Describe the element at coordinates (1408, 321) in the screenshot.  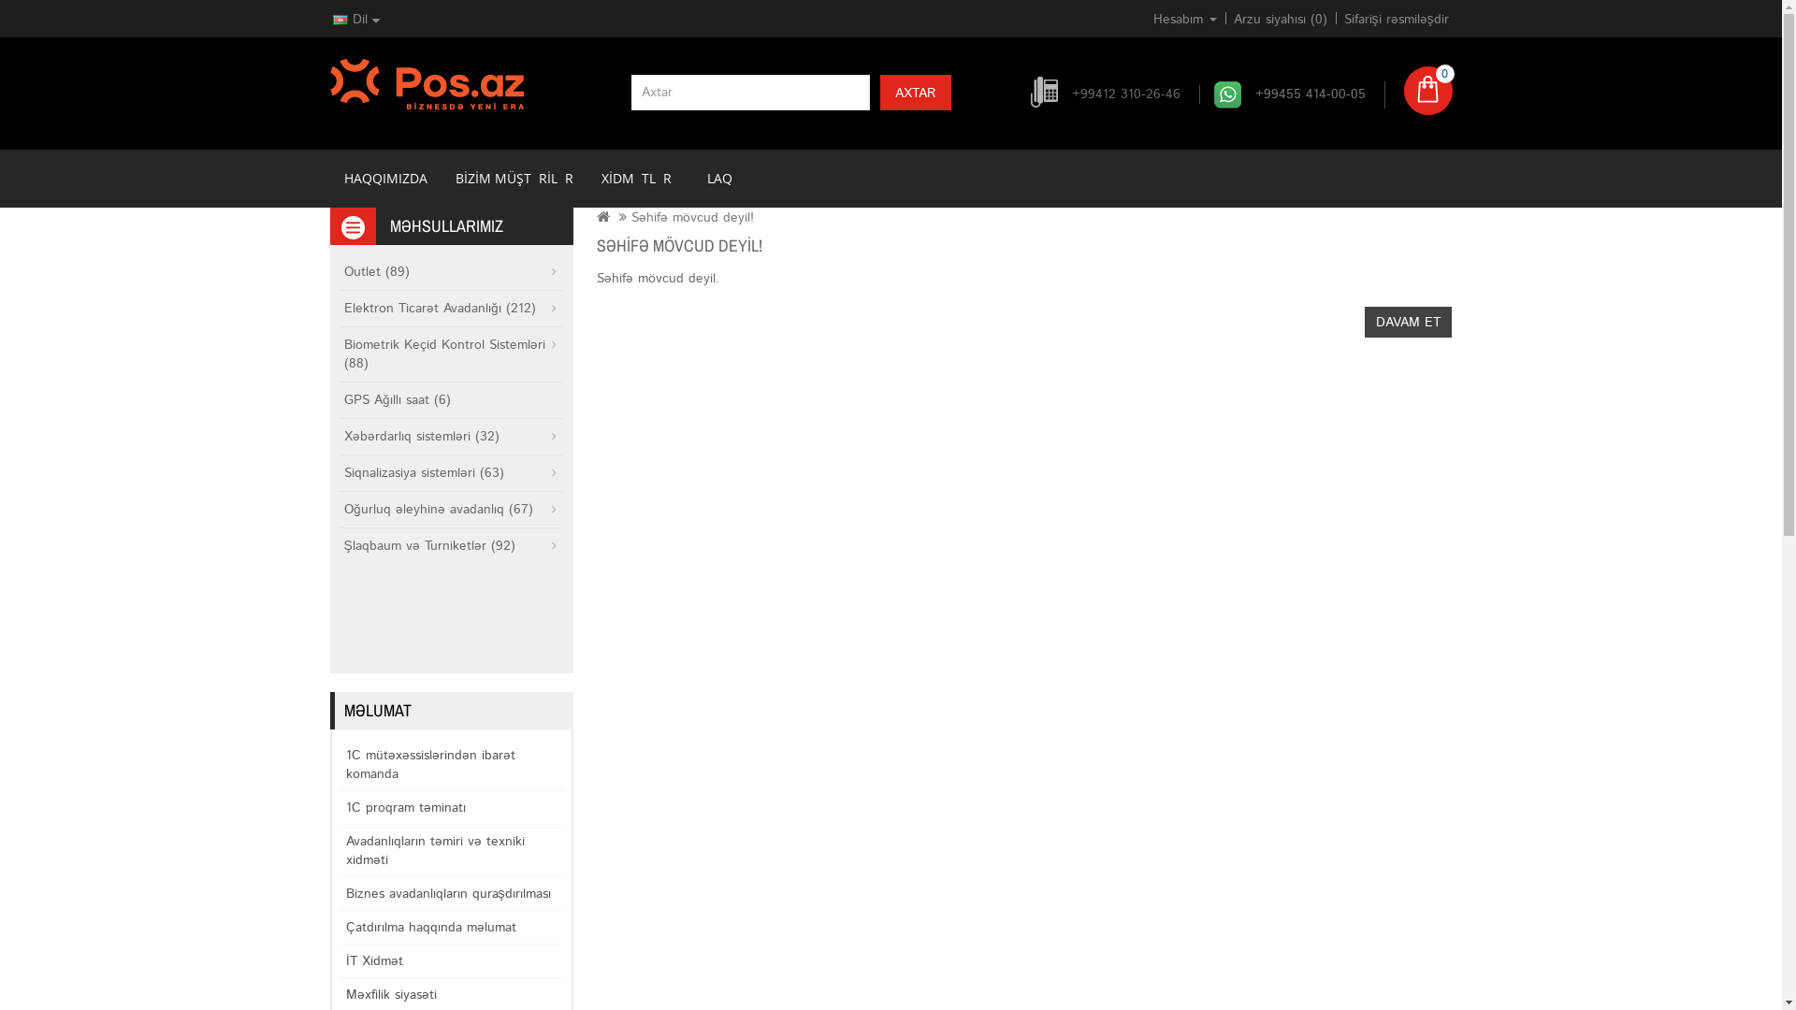
I see `'DAVAM ET'` at that location.